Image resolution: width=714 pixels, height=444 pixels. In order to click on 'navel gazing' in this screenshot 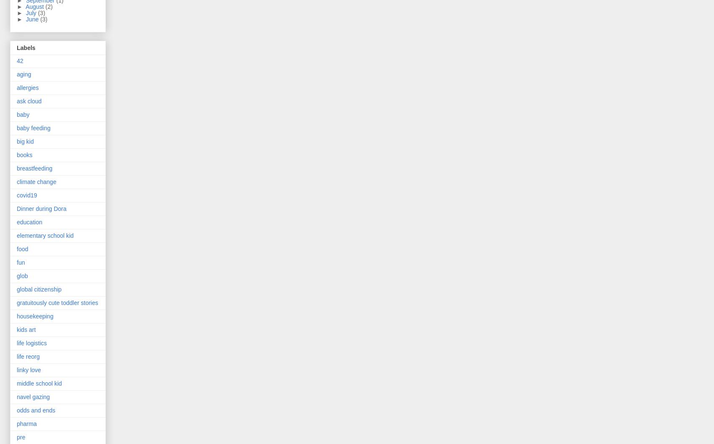, I will do `click(33, 397)`.